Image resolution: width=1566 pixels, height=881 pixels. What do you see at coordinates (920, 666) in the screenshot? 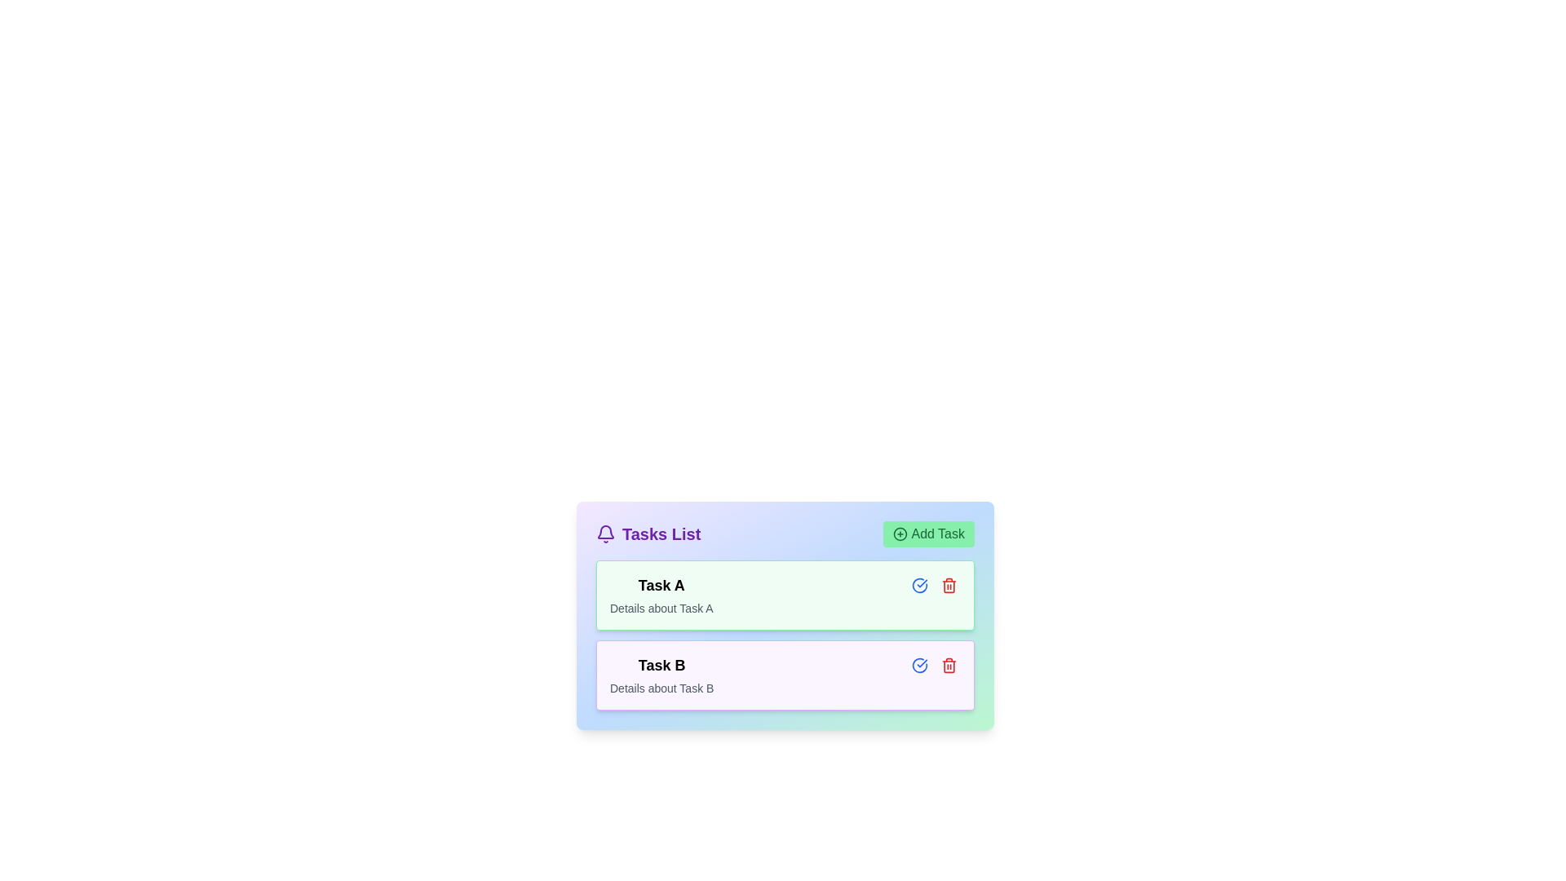
I see `the task completion toggle icon located in the action section of the 'Task B' row` at bounding box center [920, 666].